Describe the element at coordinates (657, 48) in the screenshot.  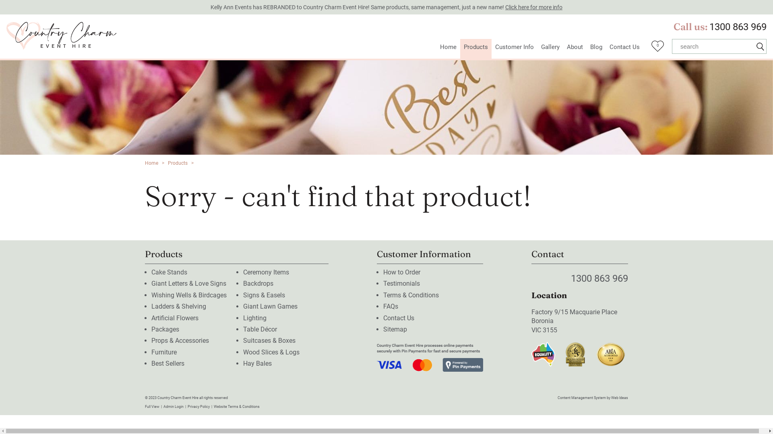
I see `'0'` at that location.